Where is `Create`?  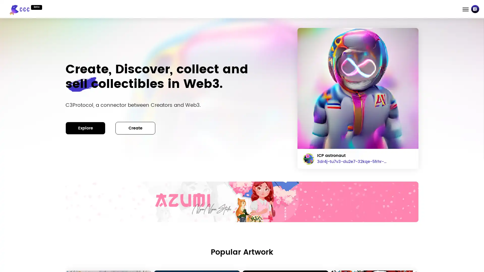
Create is located at coordinates (135, 128).